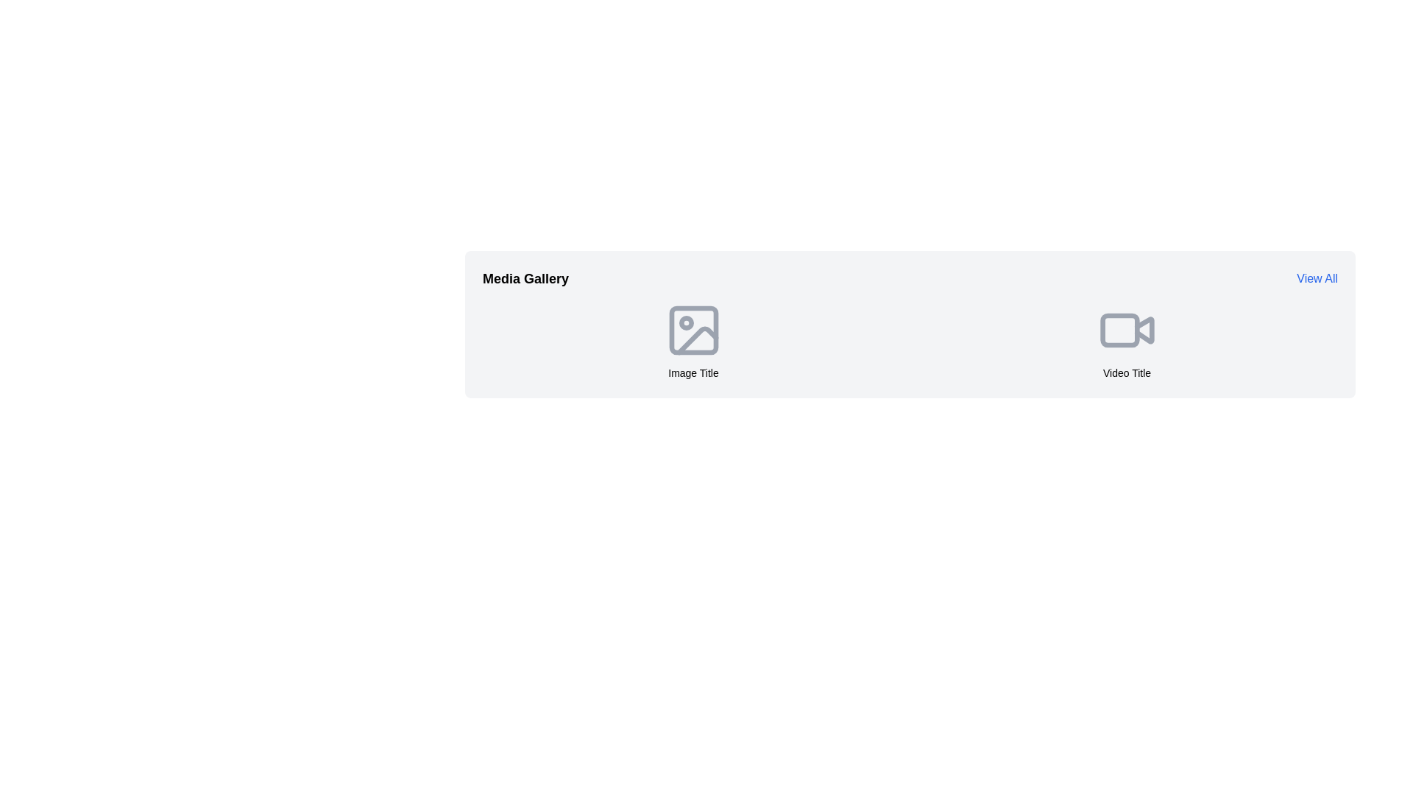  Describe the element at coordinates (693, 329) in the screenshot. I see `the image icon located centrally within the card labeled 'Image Title' on a touch device` at that location.